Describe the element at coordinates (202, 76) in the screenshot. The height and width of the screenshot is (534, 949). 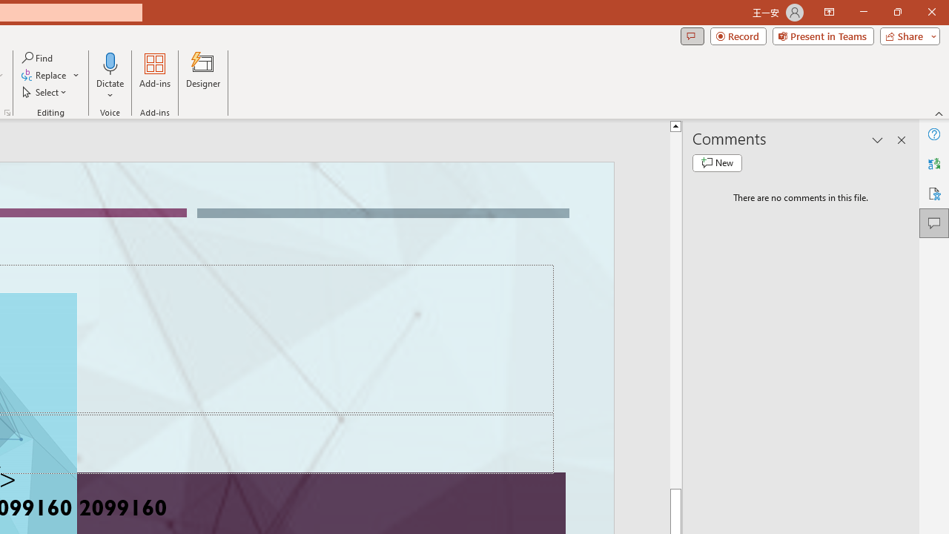
I see `'Designer'` at that location.